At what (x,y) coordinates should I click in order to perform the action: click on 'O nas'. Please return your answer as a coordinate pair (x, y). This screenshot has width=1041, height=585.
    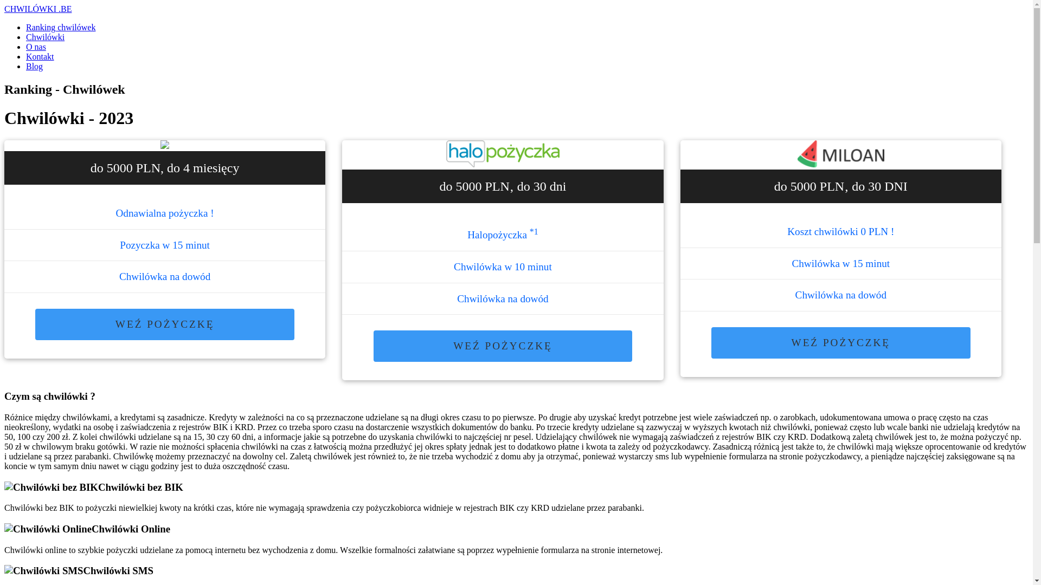
    Looking at the image, I should click on (36, 46).